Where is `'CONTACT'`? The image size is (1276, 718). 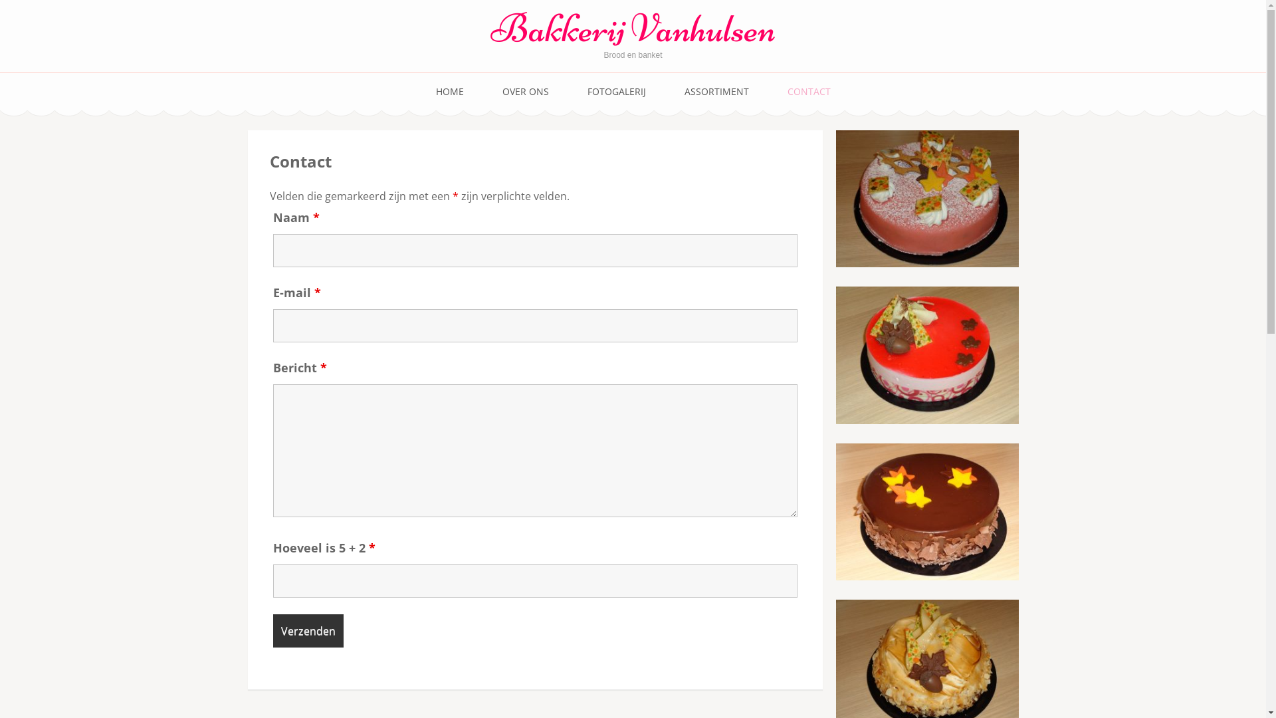
'CONTACT' is located at coordinates (807, 91).